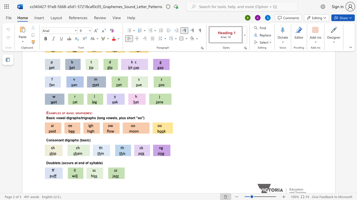 The height and width of the screenshot is (200, 357). Describe the element at coordinates (63, 140) in the screenshot. I see `the 1th character "t" in the text` at that location.